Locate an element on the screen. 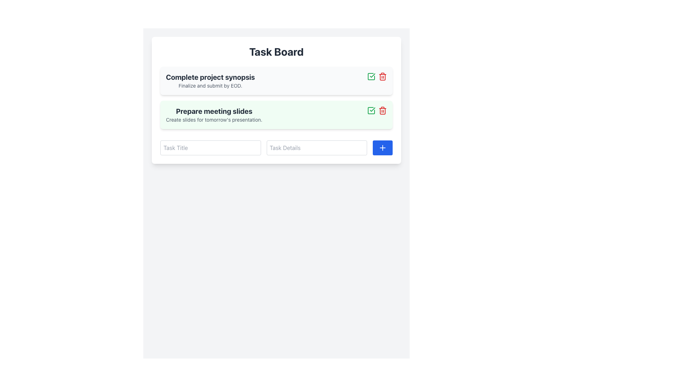 This screenshot has height=383, width=681. the task overview text block located below the 'Task Board' heading and above another task section, aligned left within the first task card is located at coordinates (210, 80).